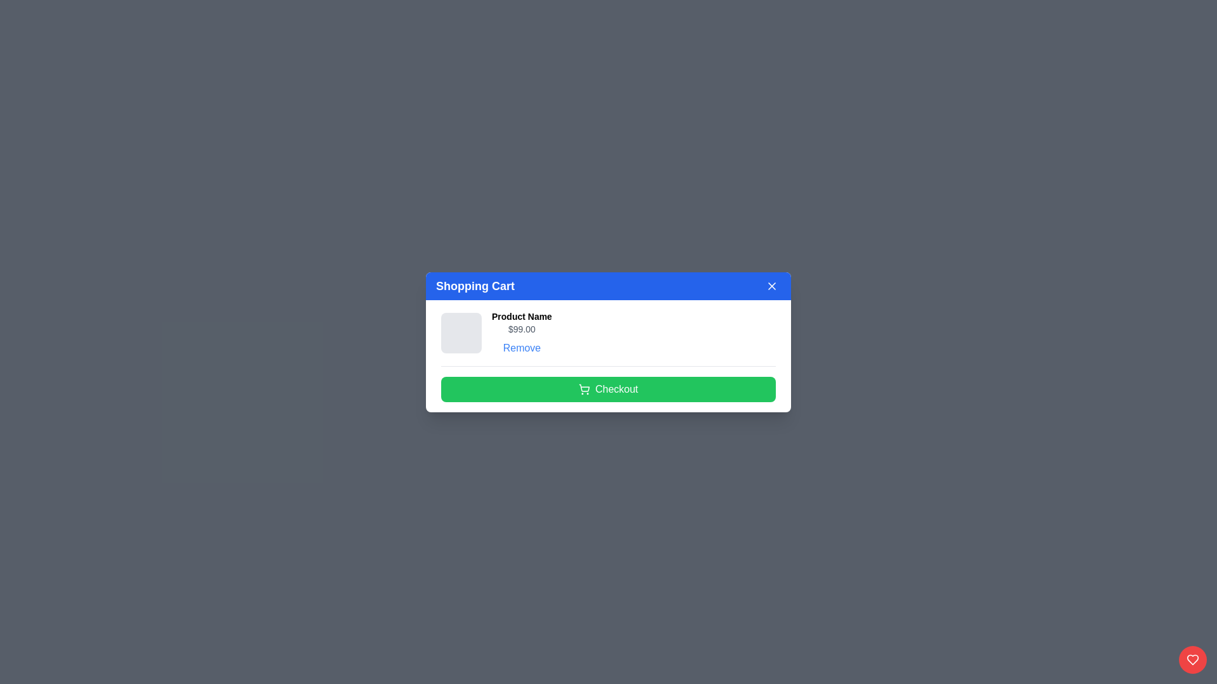 The width and height of the screenshot is (1217, 684). I want to click on the blue underlined text link labeled 'Remove' located in the shopping cart interface below the price '$99.00', so click(522, 348).